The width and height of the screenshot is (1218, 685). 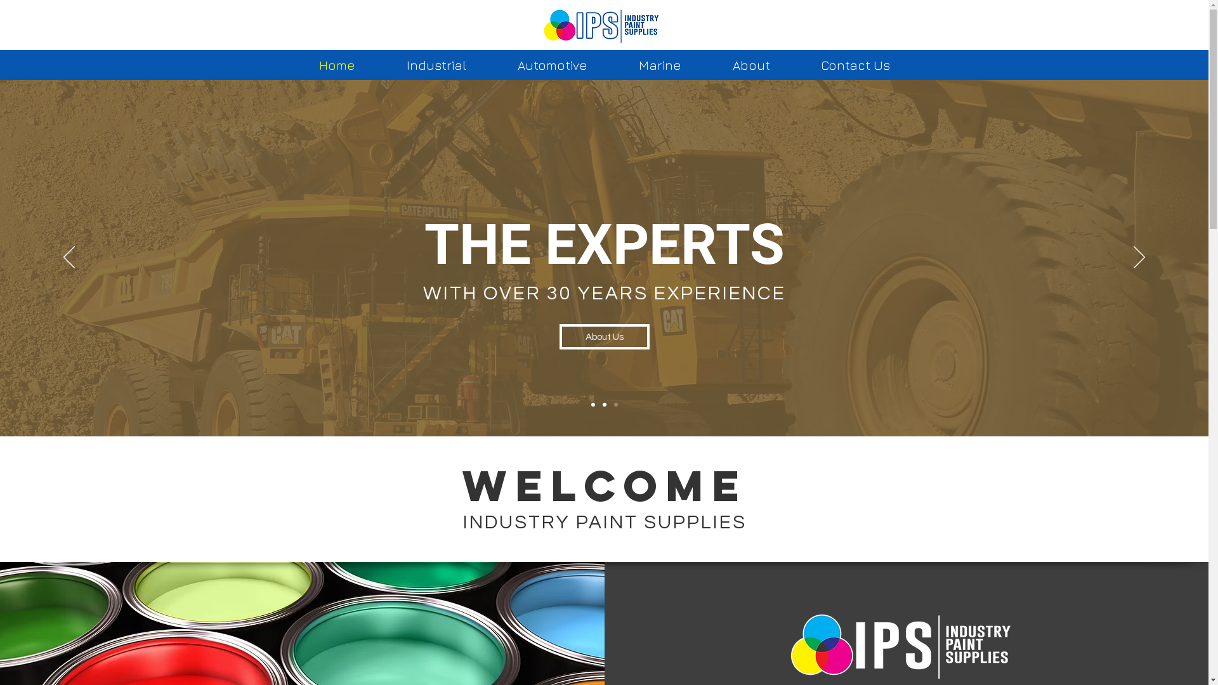 I want to click on 'About', so click(x=750, y=65).